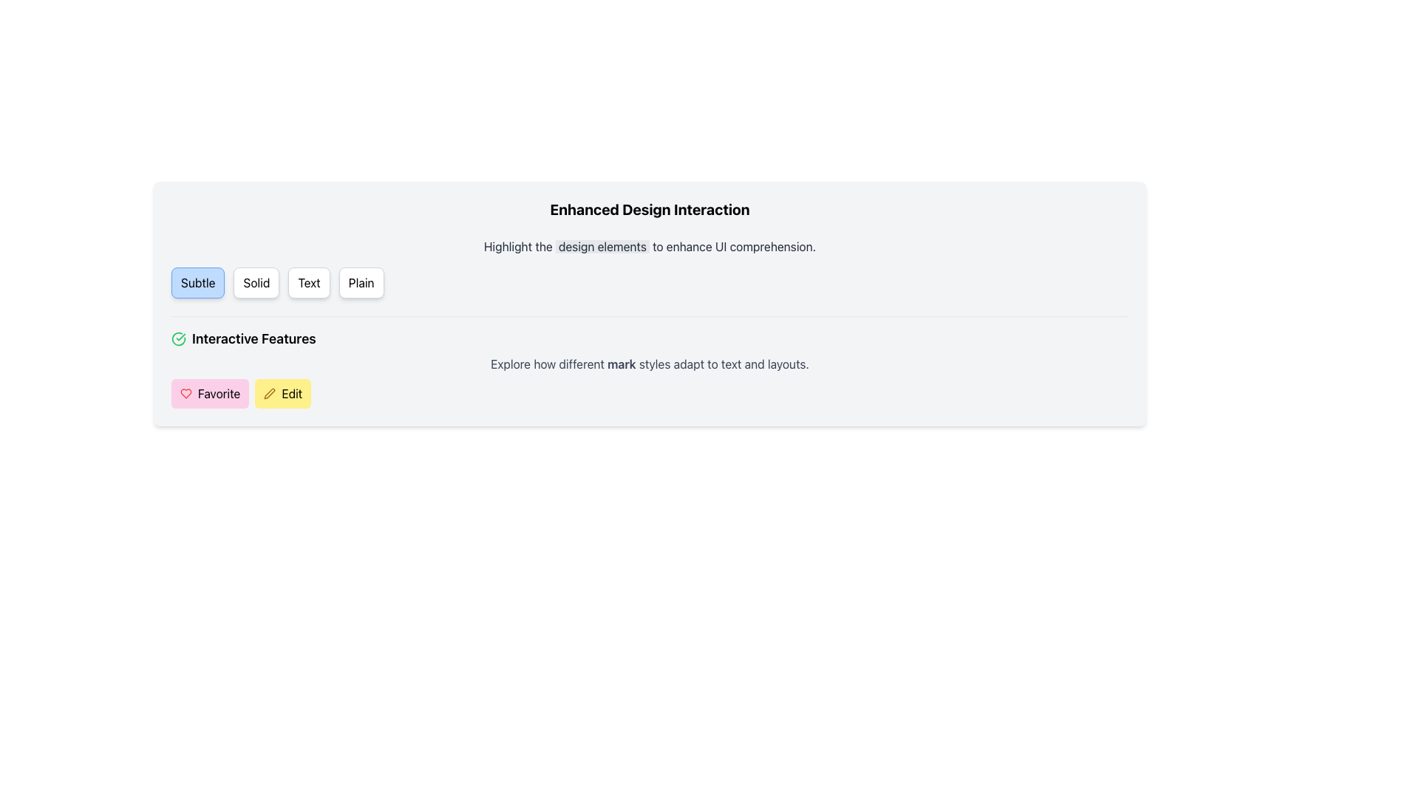 The image size is (1419, 798). I want to click on the pen icon representing the 'Edit' button, which is positioned to the left of the 'Edit' text, so click(270, 392).